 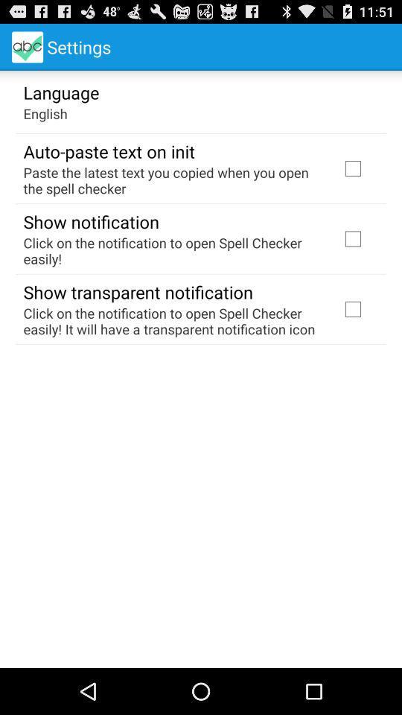 What do you see at coordinates (171, 179) in the screenshot?
I see `paste the latest icon` at bounding box center [171, 179].